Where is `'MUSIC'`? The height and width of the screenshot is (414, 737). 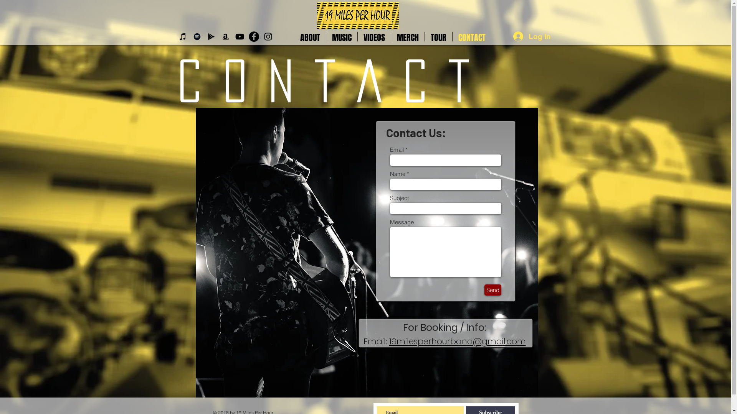 'MUSIC' is located at coordinates (341, 36).